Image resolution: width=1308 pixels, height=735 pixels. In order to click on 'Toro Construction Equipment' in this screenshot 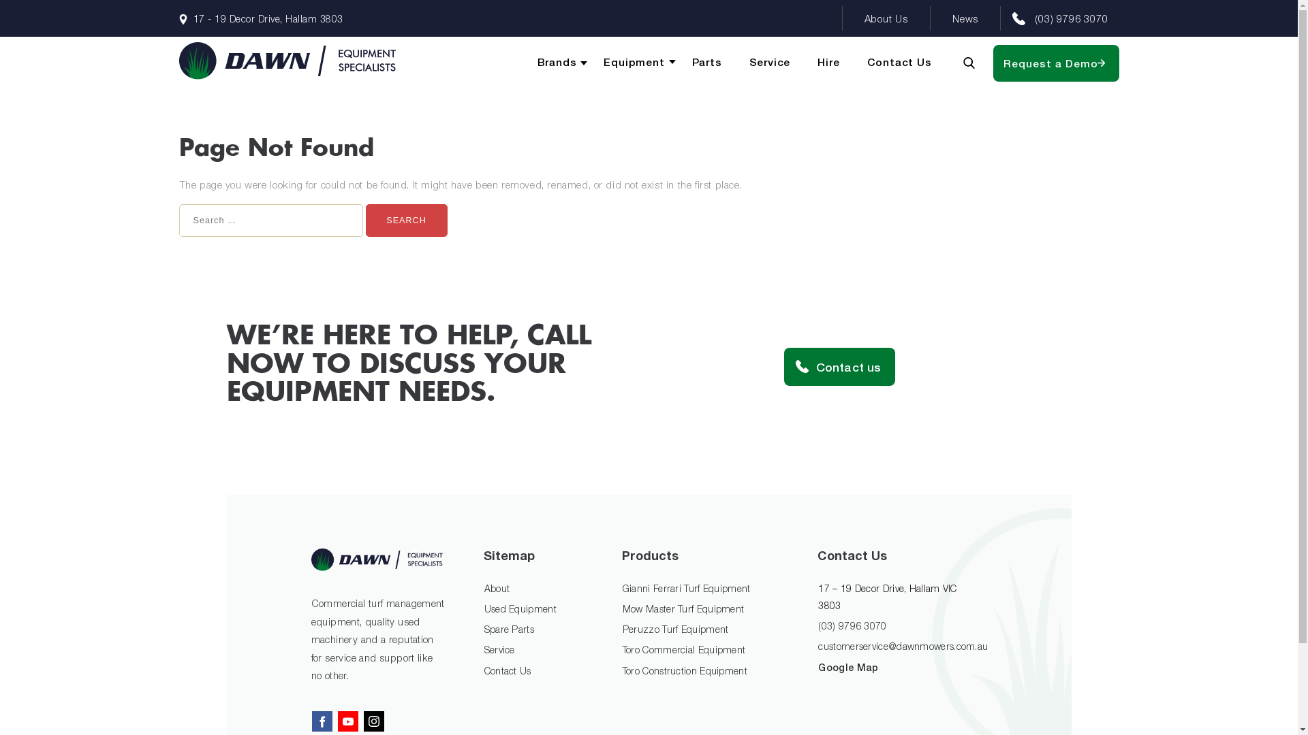, I will do `click(685, 670)`.